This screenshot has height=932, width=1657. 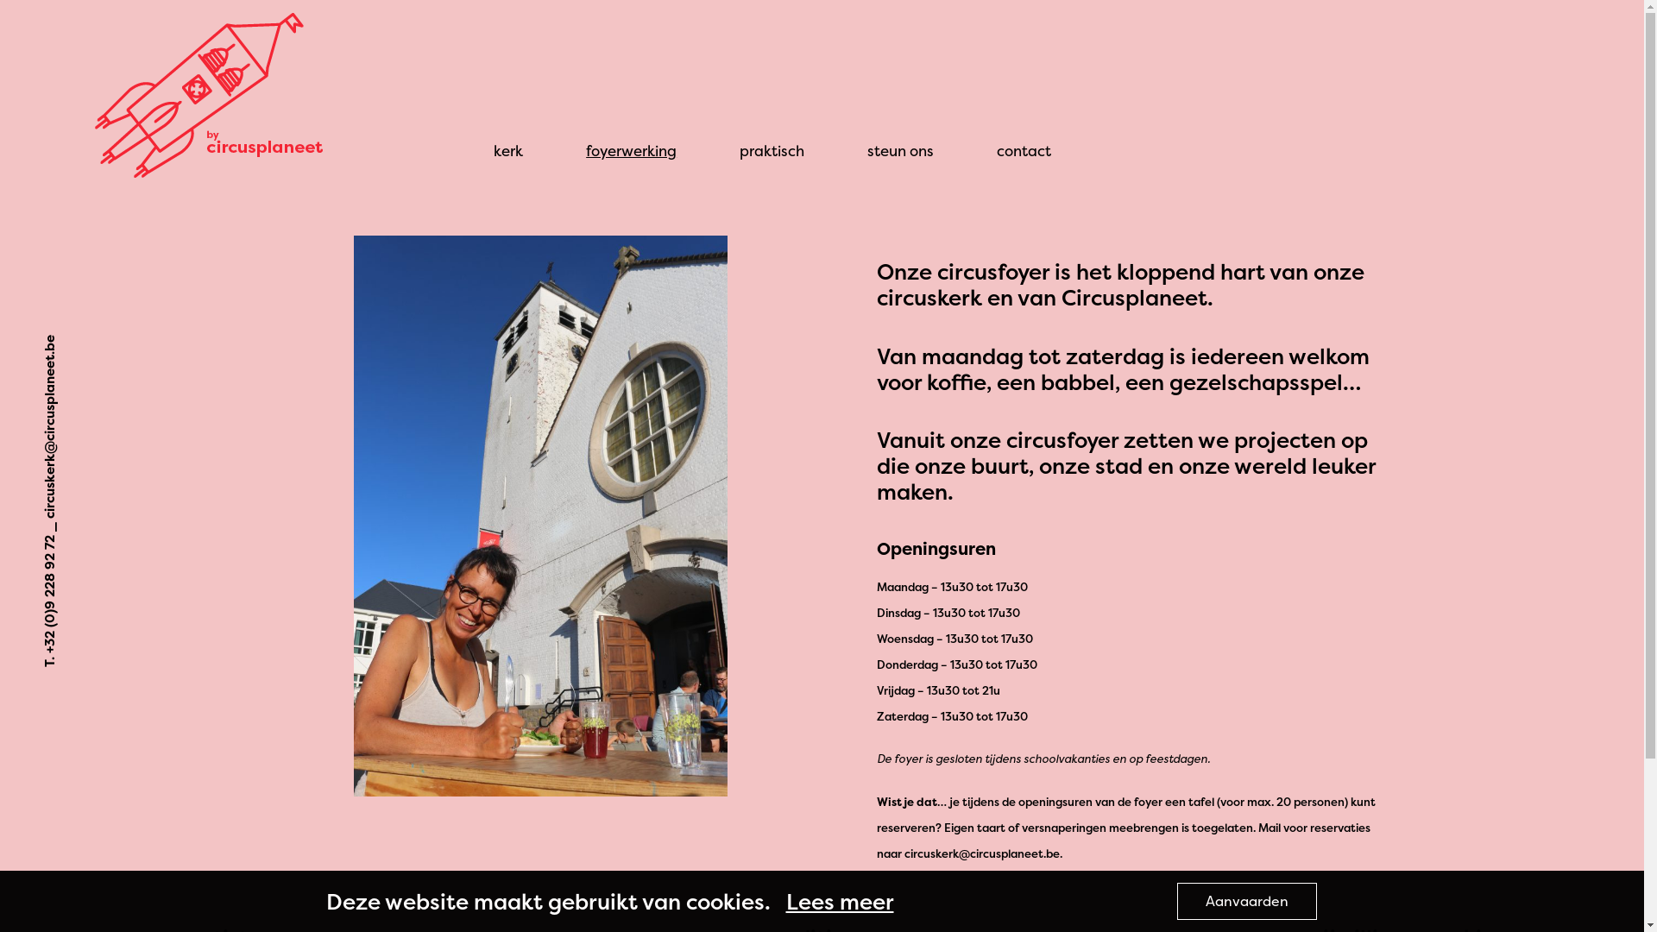 I want to click on 'foyerwerking', so click(x=630, y=149).